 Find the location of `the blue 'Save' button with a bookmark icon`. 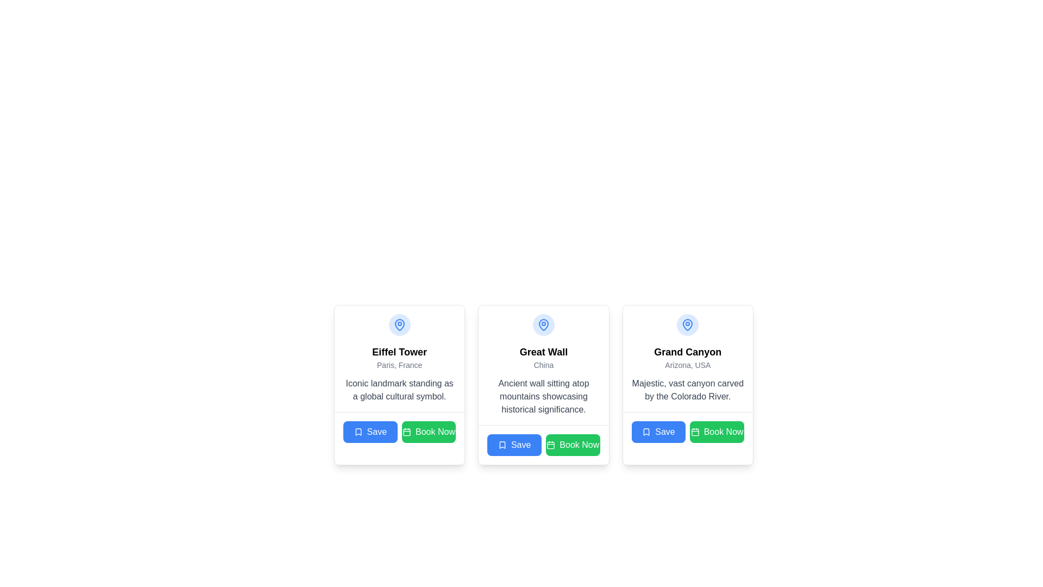

the blue 'Save' button with a bookmark icon is located at coordinates (514, 445).